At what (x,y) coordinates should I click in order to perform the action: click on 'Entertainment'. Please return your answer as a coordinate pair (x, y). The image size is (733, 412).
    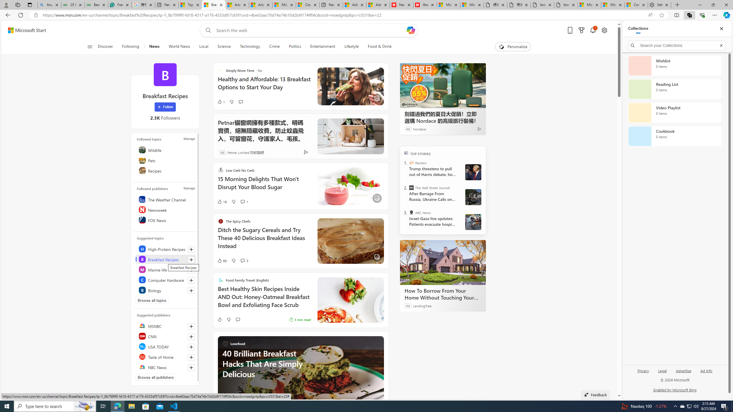
    Looking at the image, I should click on (322, 46).